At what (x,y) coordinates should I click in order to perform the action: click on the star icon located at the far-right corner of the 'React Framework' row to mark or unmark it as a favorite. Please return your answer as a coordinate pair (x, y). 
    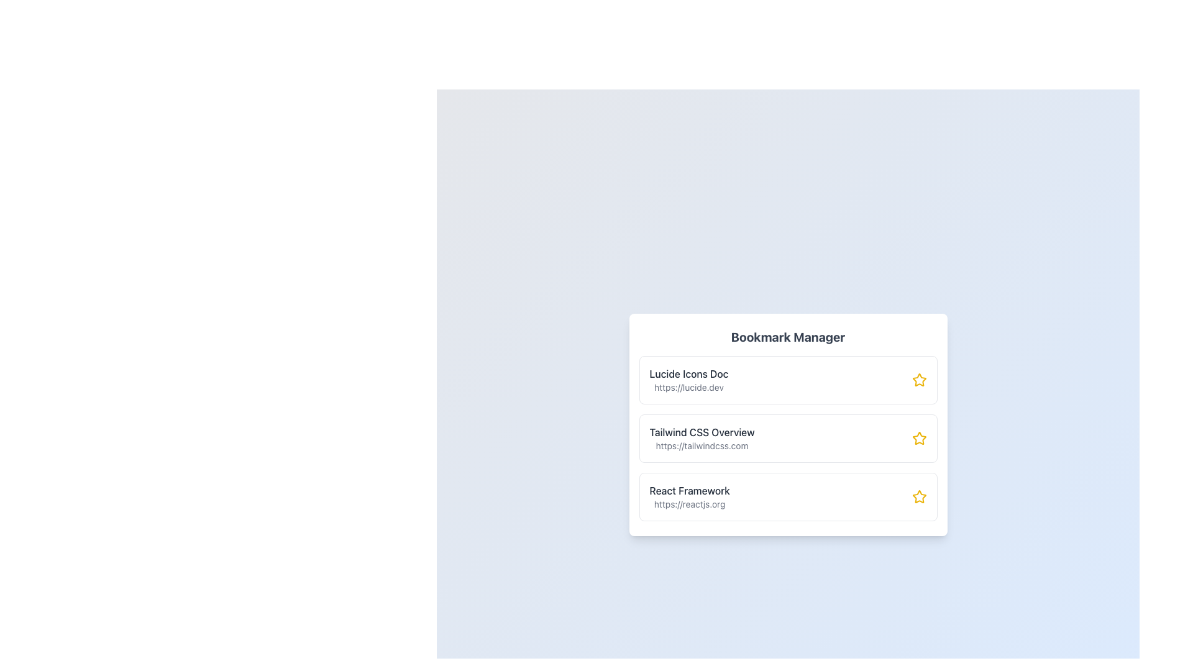
    Looking at the image, I should click on (919, 496).